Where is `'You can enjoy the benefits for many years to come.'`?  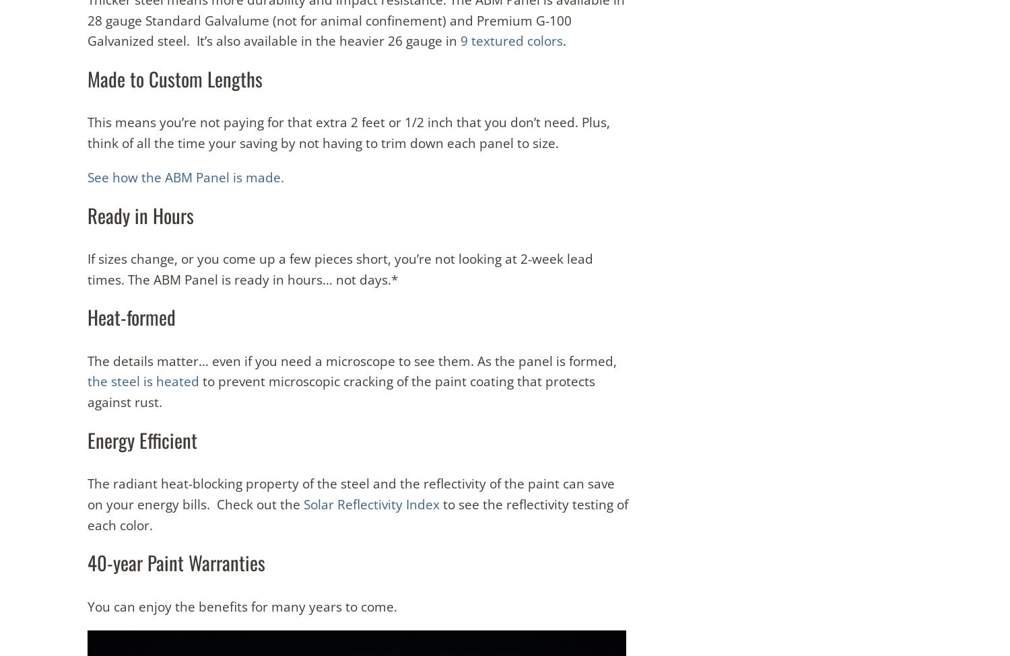
'You can enjoy the benefits for many years to come.' is located at coordinates (88, 605).